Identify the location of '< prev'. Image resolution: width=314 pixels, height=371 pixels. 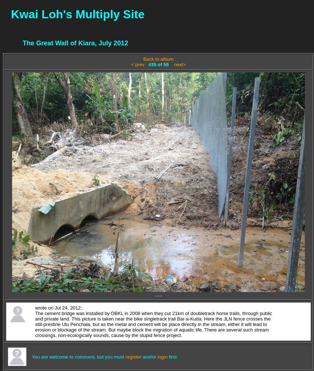
(137, 64).